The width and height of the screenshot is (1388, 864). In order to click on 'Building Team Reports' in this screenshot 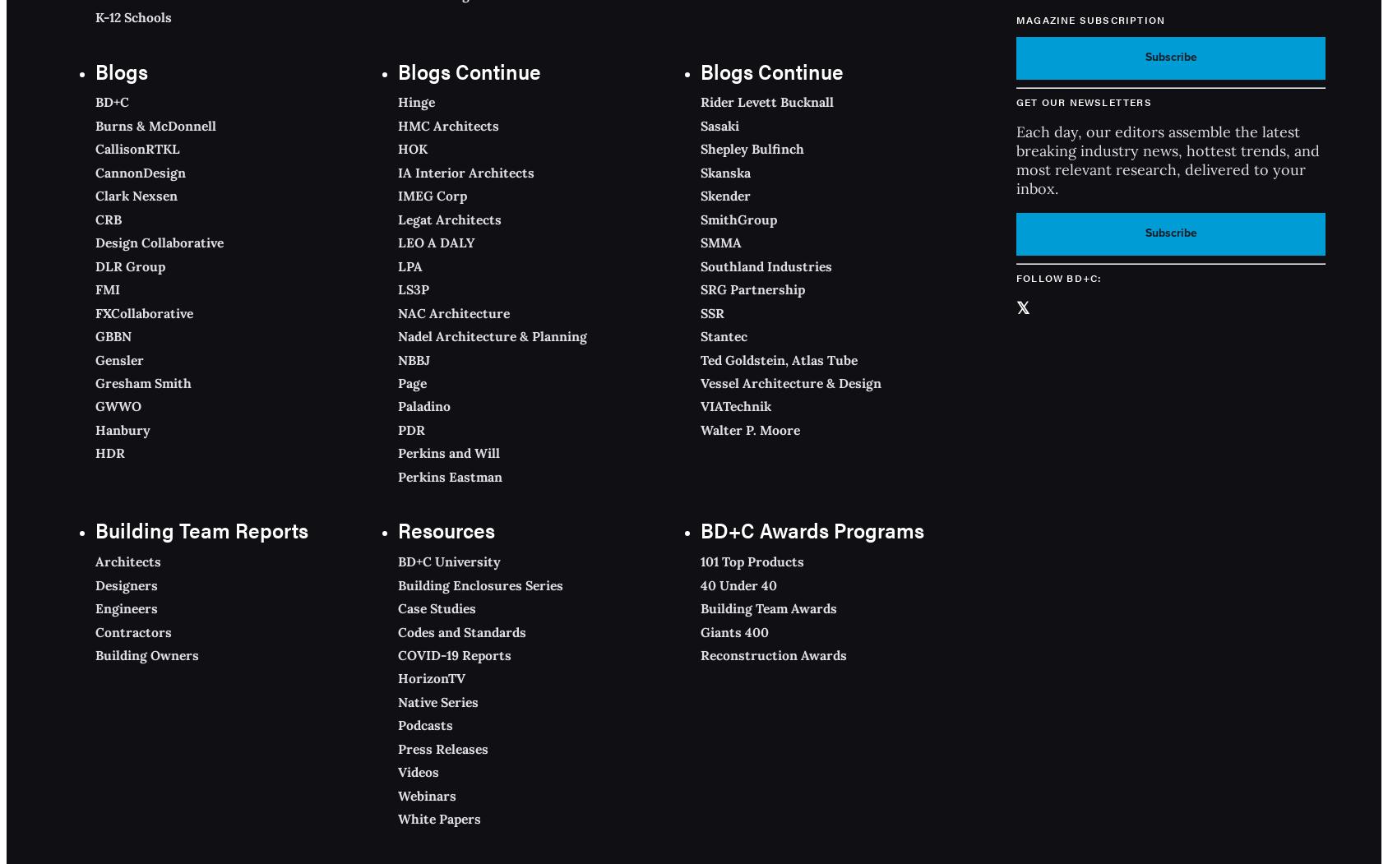, I will do `click(201, 529)`.